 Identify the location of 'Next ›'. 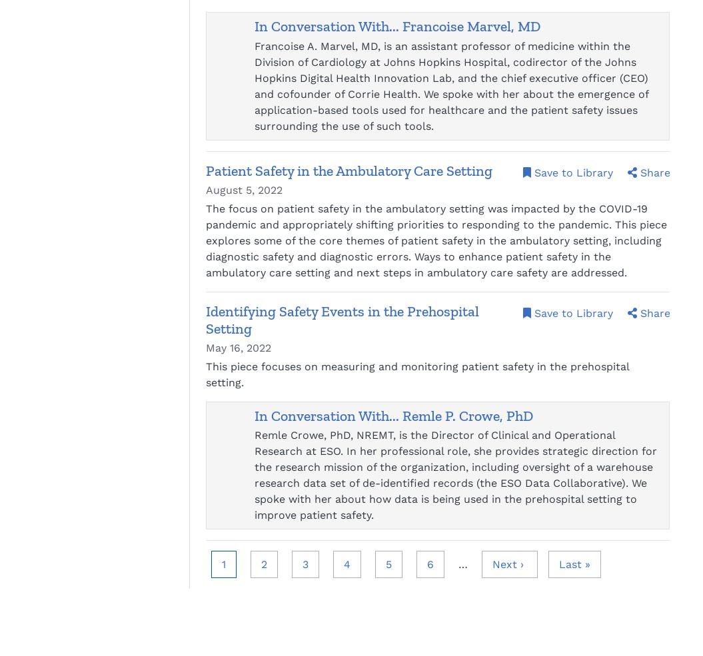
(508, 563).